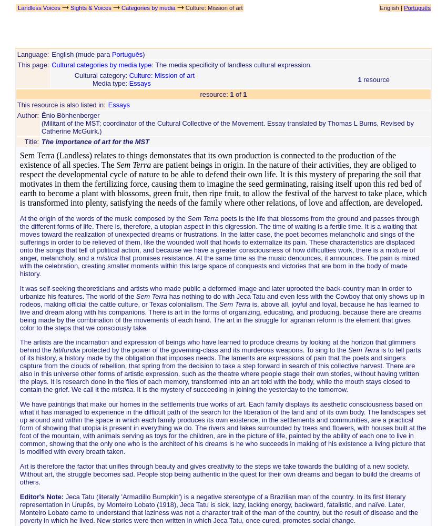 The height and width of the screenshot is (526, 447). I want to click on 'Landless Voices', so click(37, 8).